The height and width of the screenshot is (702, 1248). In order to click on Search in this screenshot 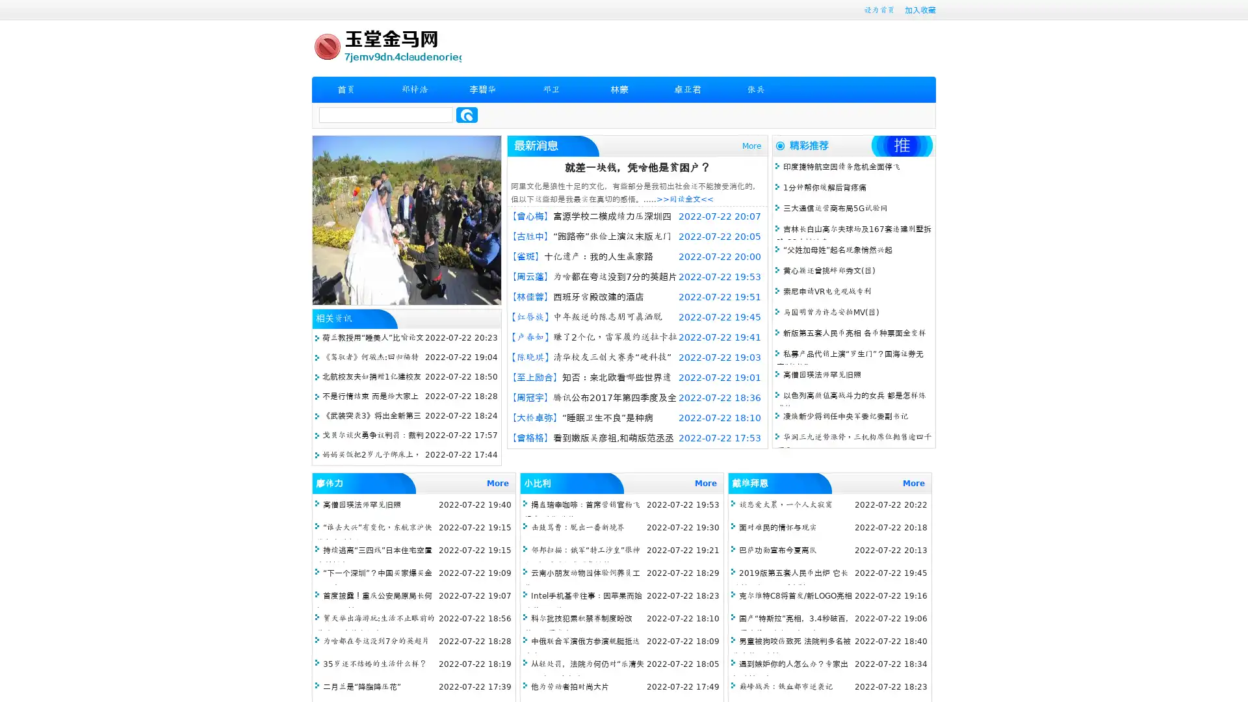, I will do `click(467, 114)`.